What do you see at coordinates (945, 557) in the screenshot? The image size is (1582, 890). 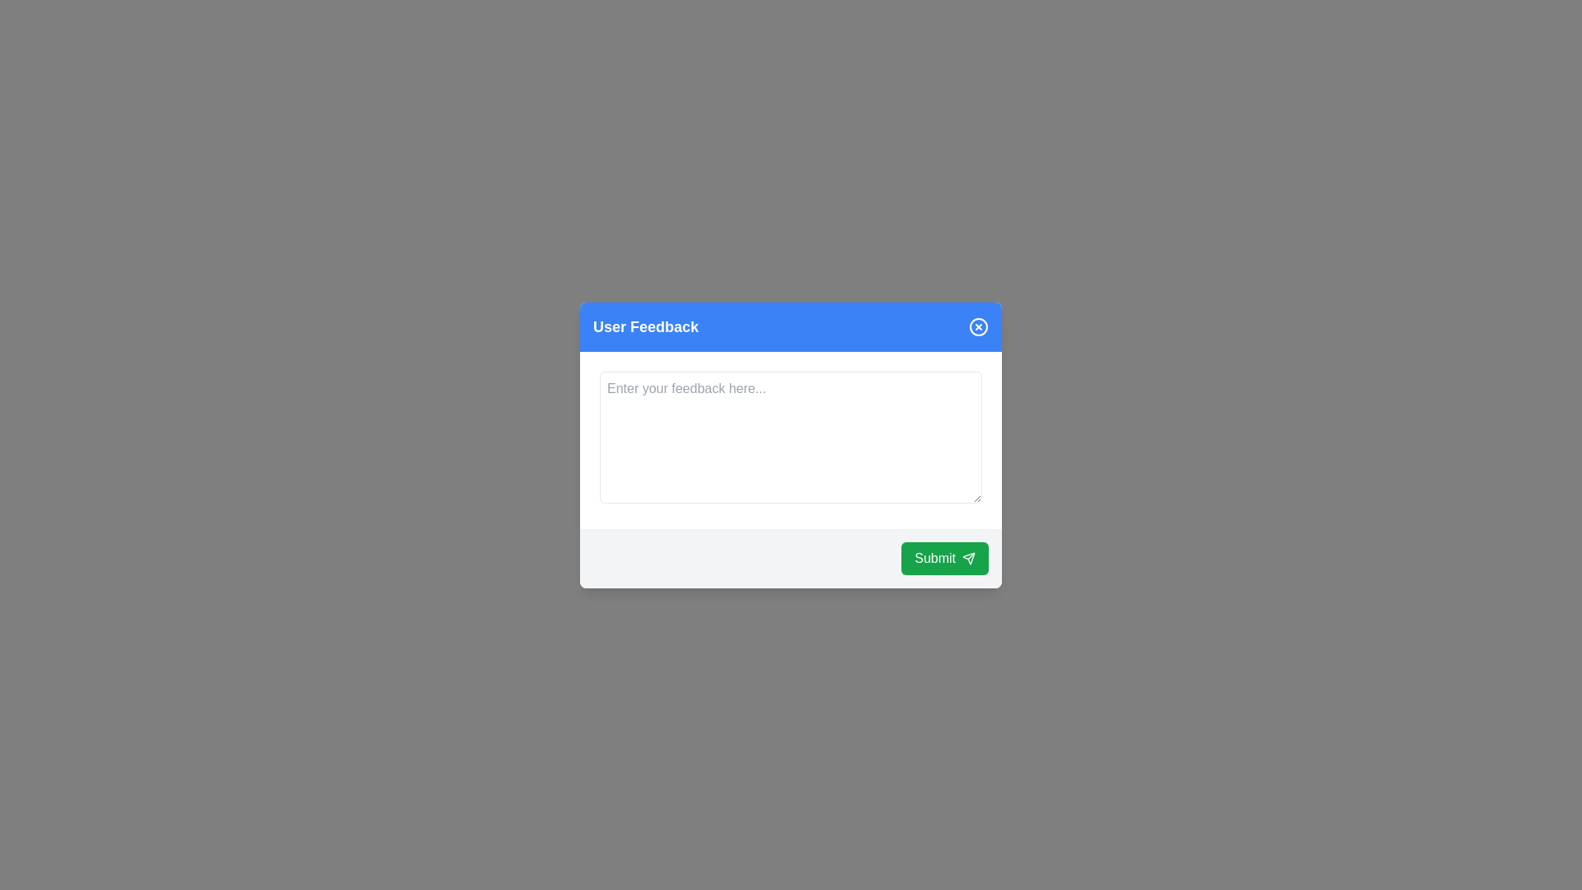 I see `submit button to submit feedback` at bounding box center [945, 557].